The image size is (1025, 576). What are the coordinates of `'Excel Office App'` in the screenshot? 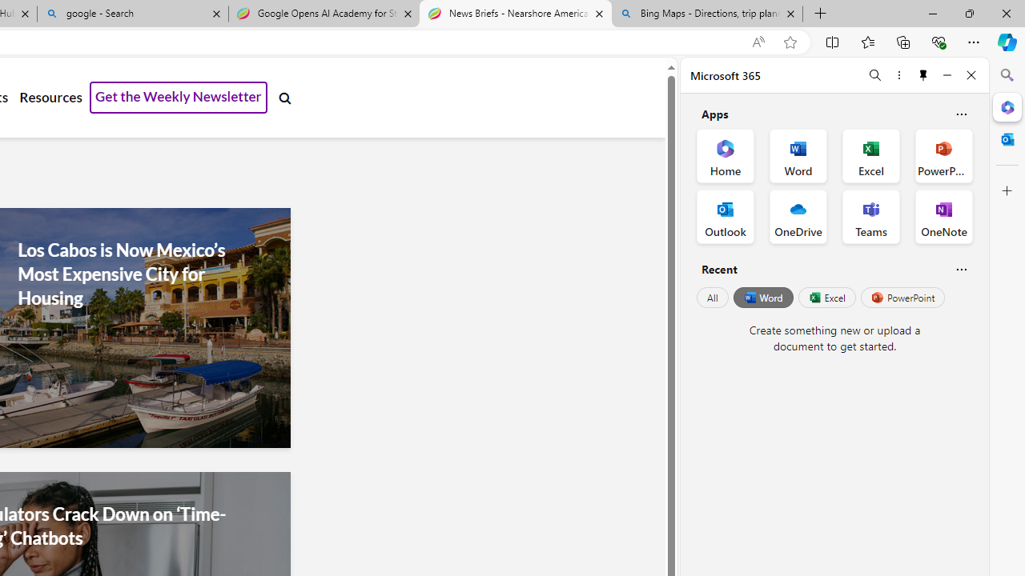 It's located at (870, 156).